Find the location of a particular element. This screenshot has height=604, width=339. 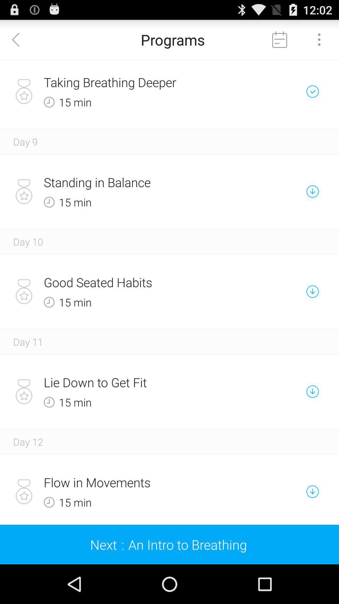

the day 12 item is located at coordinates (28, 441).